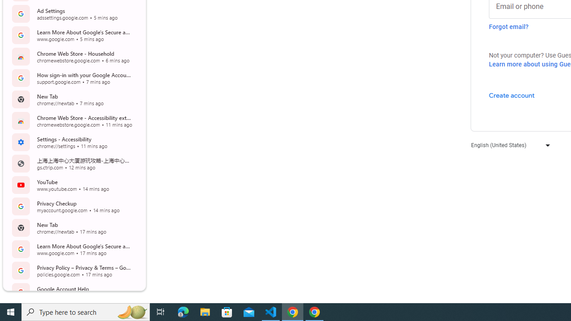 Image resolution: width=571 pixels, height=321 pixels. What do you see at coordinates (511, 95) in the screenshot?
I see `'Create account'` at bounding box center [511, 95].